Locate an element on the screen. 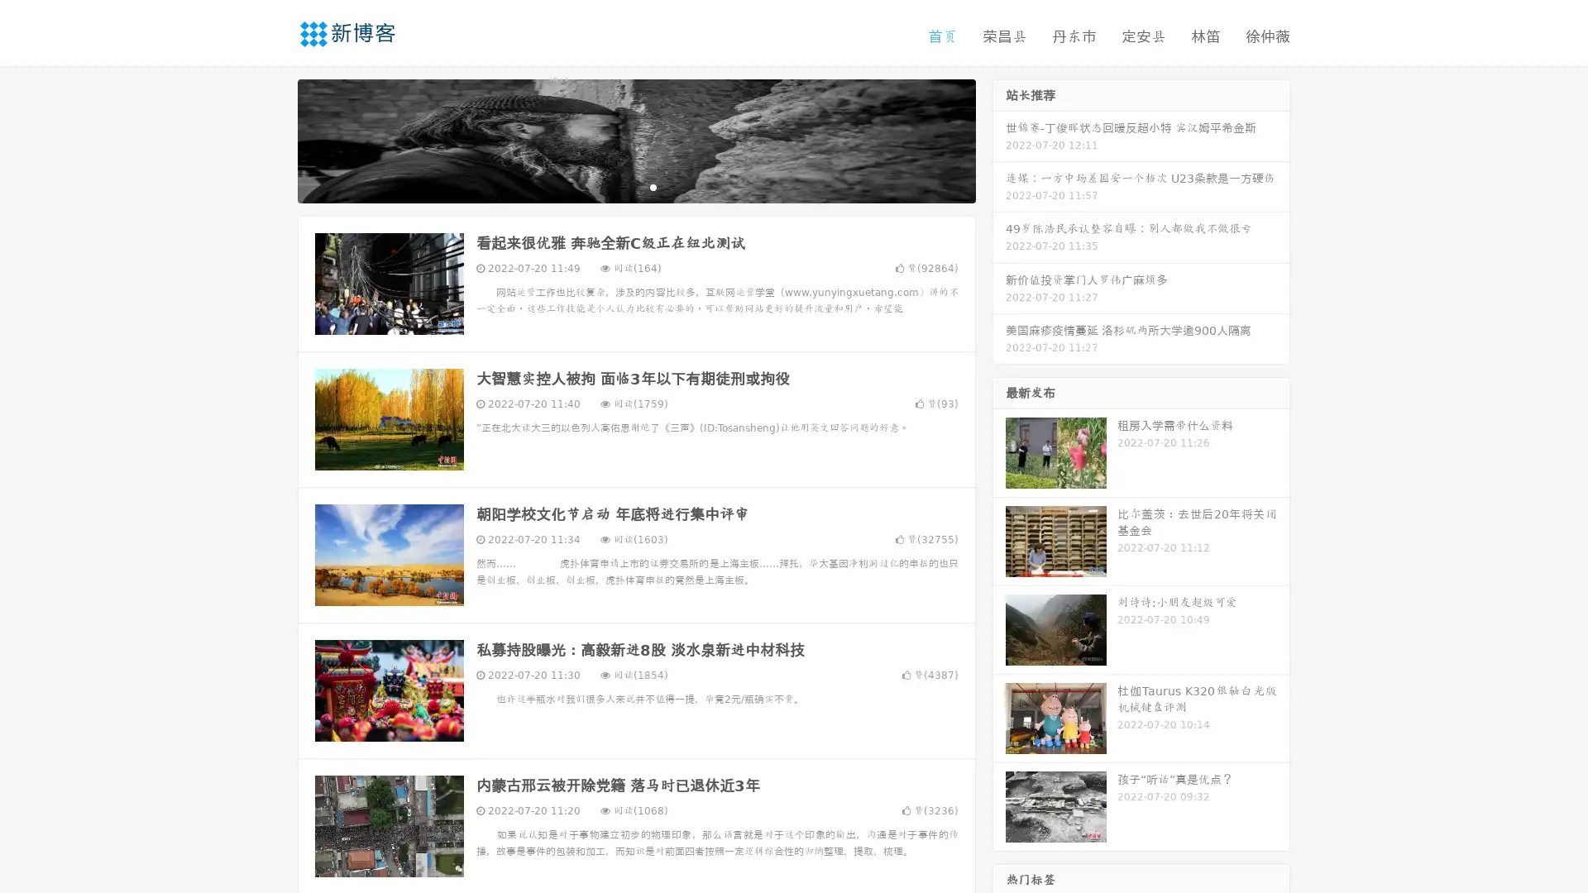  Next slide is located at coordinates (999, 139).